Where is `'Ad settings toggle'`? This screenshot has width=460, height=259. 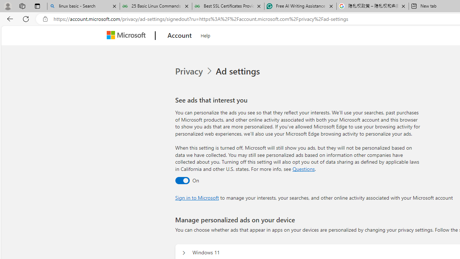 'Ad settings toggle' is located at coordinates (182, 180).